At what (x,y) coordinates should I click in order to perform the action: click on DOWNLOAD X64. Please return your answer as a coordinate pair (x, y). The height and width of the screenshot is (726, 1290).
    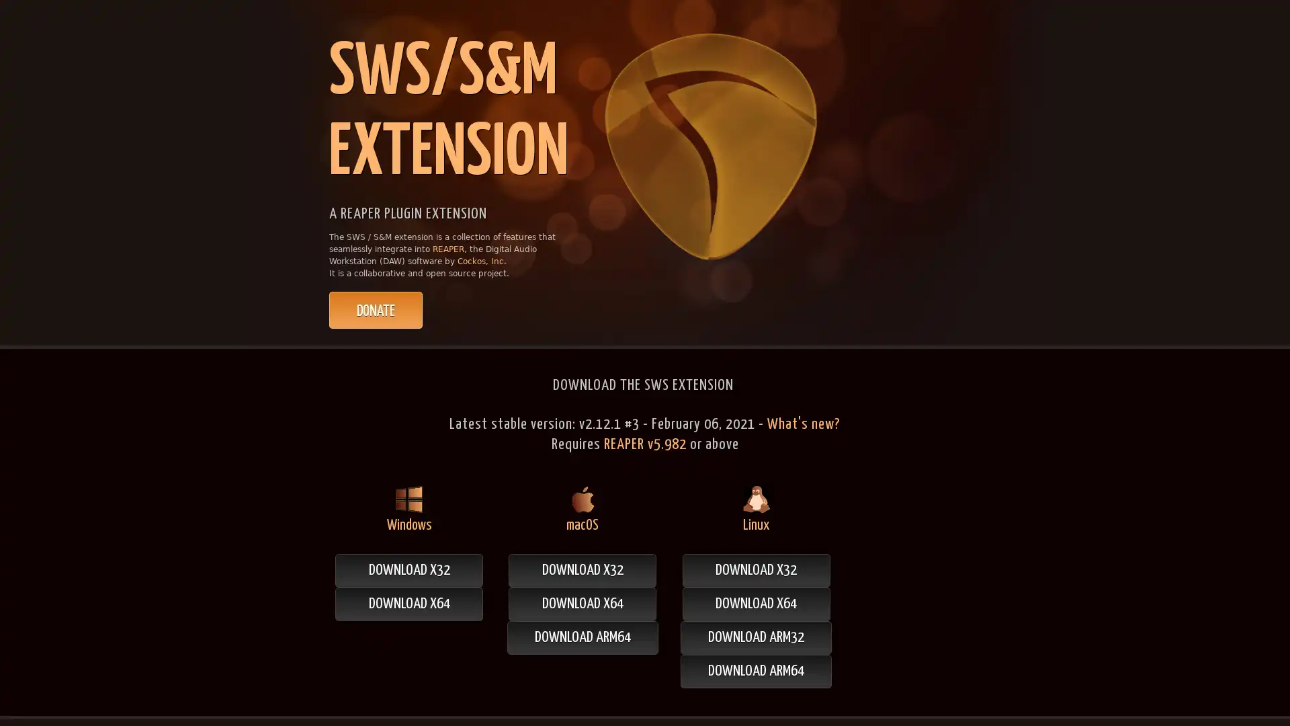
    Looking at the image, I should click on (860, 603).